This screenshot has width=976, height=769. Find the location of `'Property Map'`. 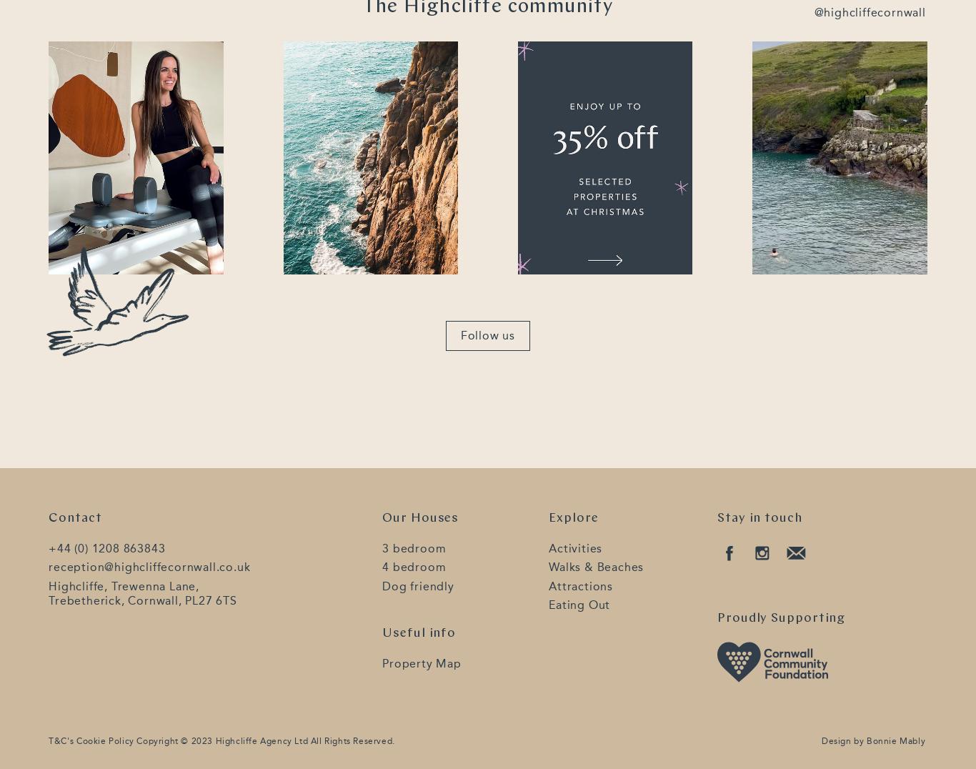

'Property Map' is located at coordinates (382, 663).